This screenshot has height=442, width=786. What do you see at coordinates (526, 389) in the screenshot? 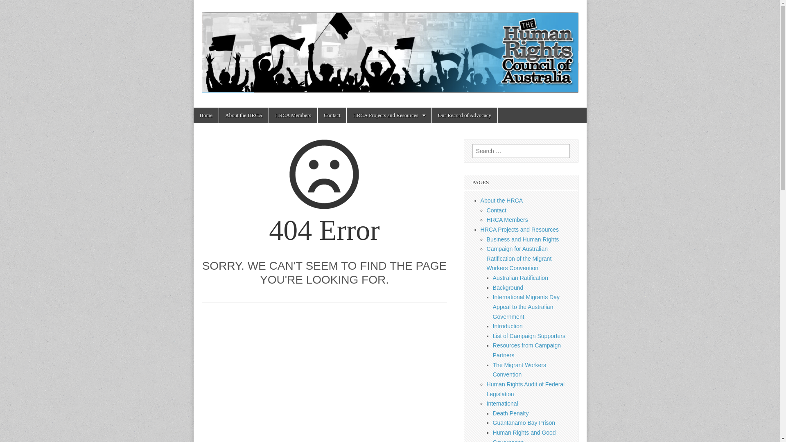
I see `'Human Rights Audit of Federal Legislation'` at bounding box center [526, 389].